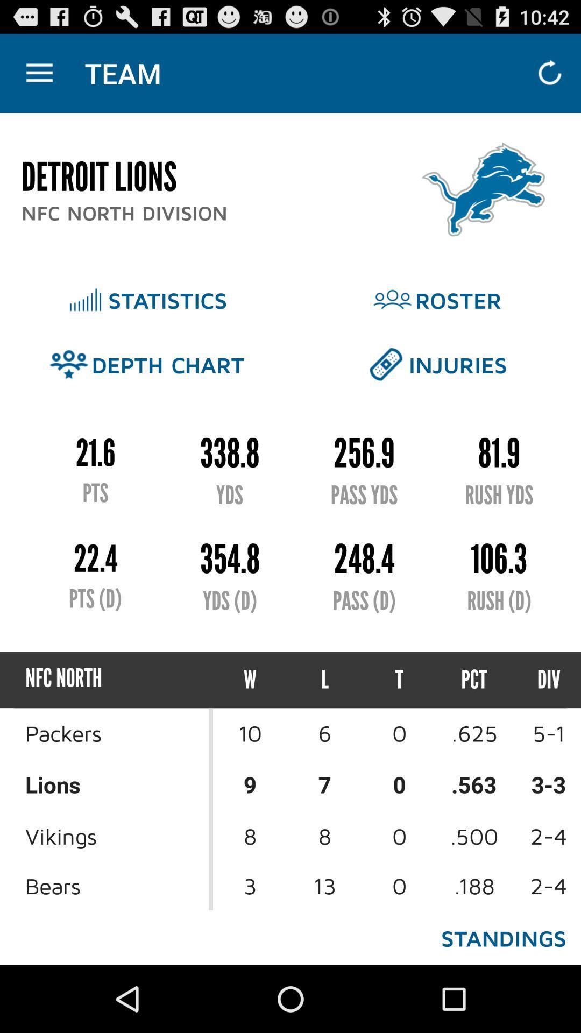  I want to click on the item next to l icon, so click(399, 679).